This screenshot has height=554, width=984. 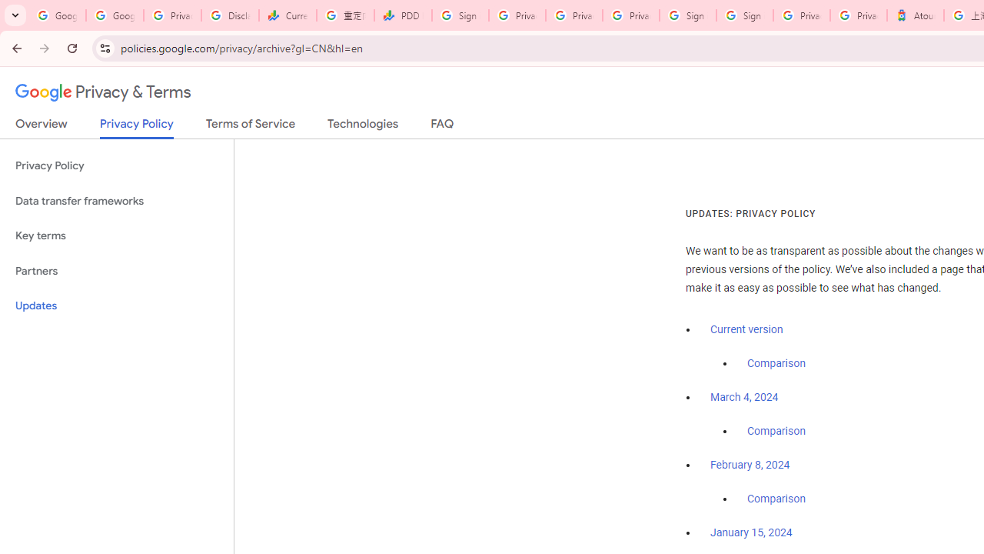 What do you see at coordinates (42, 126) in the screenshot?
I see `'Overview'` at bounding box center [42, 126].